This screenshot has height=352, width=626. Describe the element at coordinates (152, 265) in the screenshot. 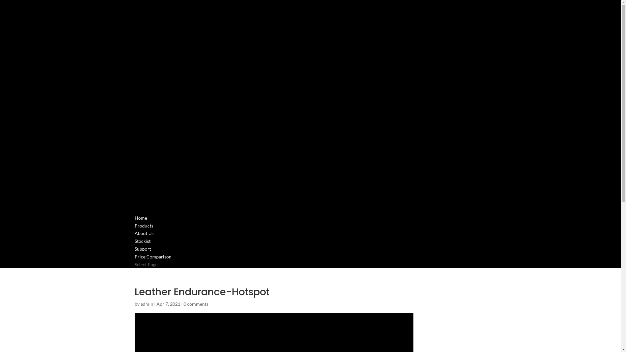

I see `'Price Comparison'` at that location.